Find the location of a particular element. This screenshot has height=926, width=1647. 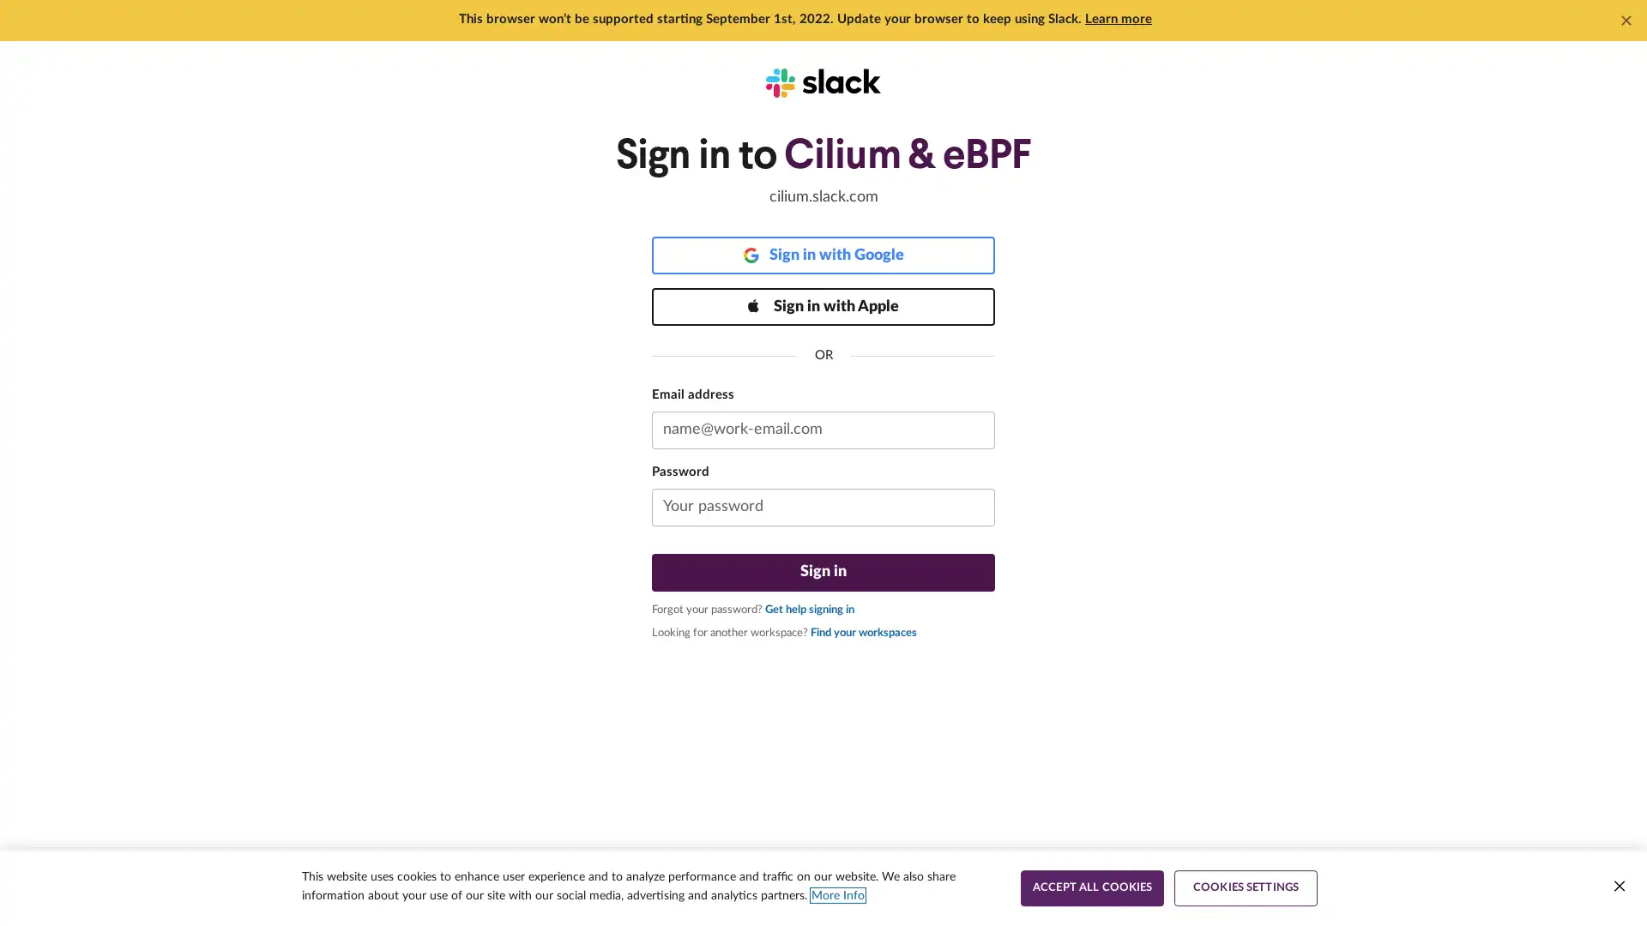

Dismiss is located at coordinates (1626, 20).